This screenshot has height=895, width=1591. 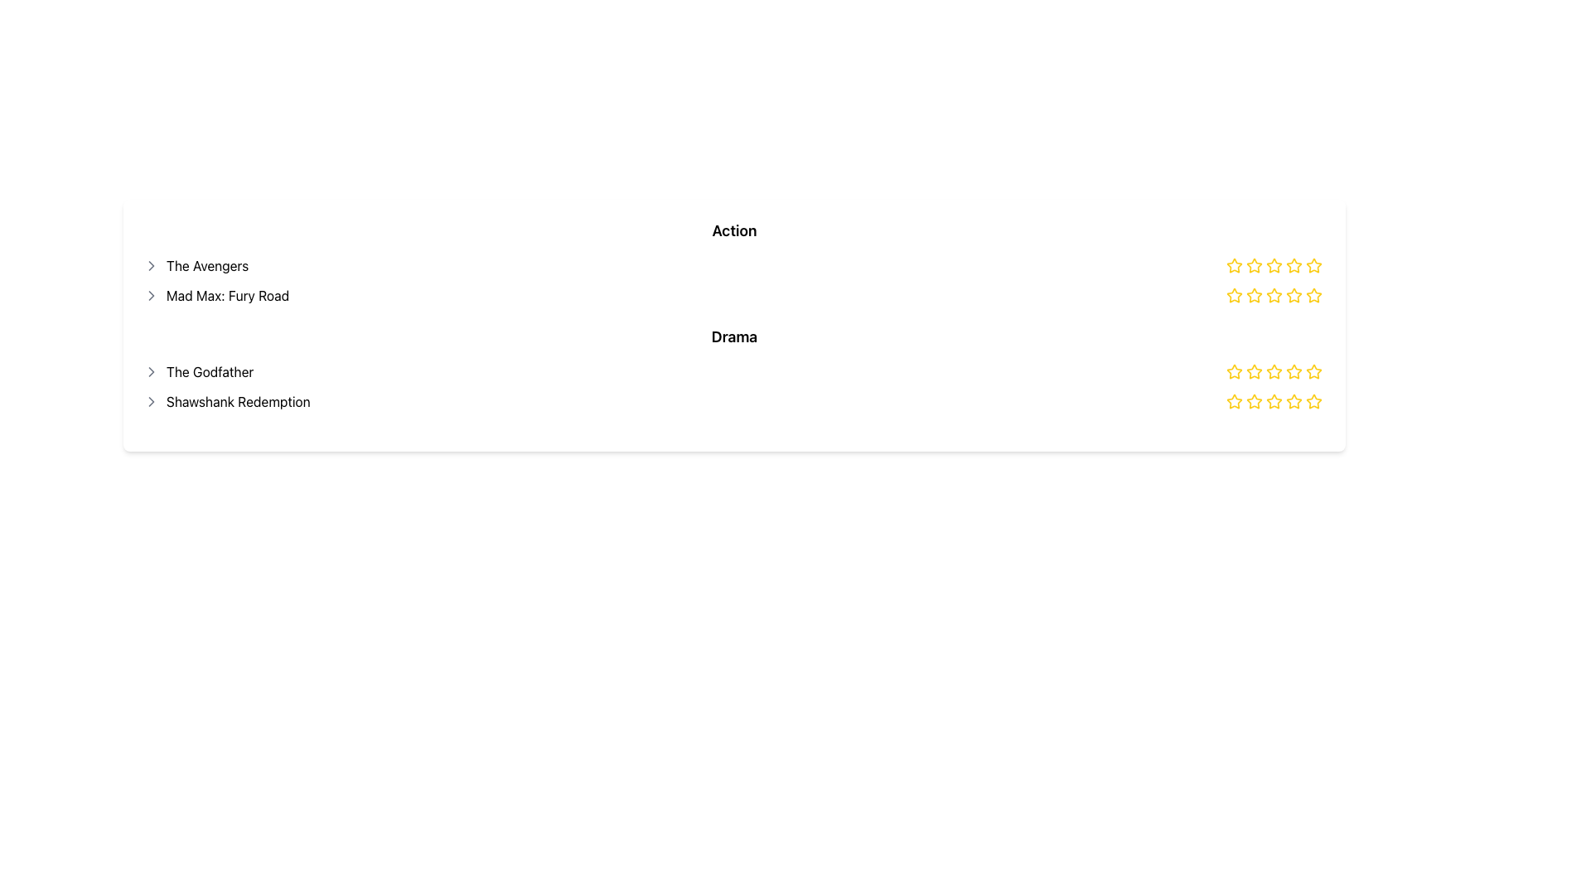 What do you see at coordinates (1273, 264) in the screenshot?
I see `the fourth star-shaped icon with a yellow outline in the rating system for 'Mad Max: Fury Road'` at bounding box center [1273, 264].